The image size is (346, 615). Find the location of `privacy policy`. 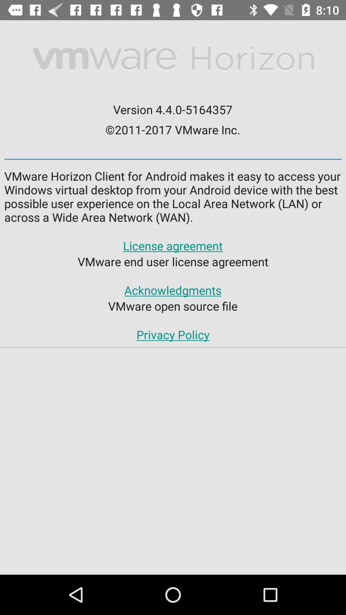

privacy policy is located at coordinates (173, 334).